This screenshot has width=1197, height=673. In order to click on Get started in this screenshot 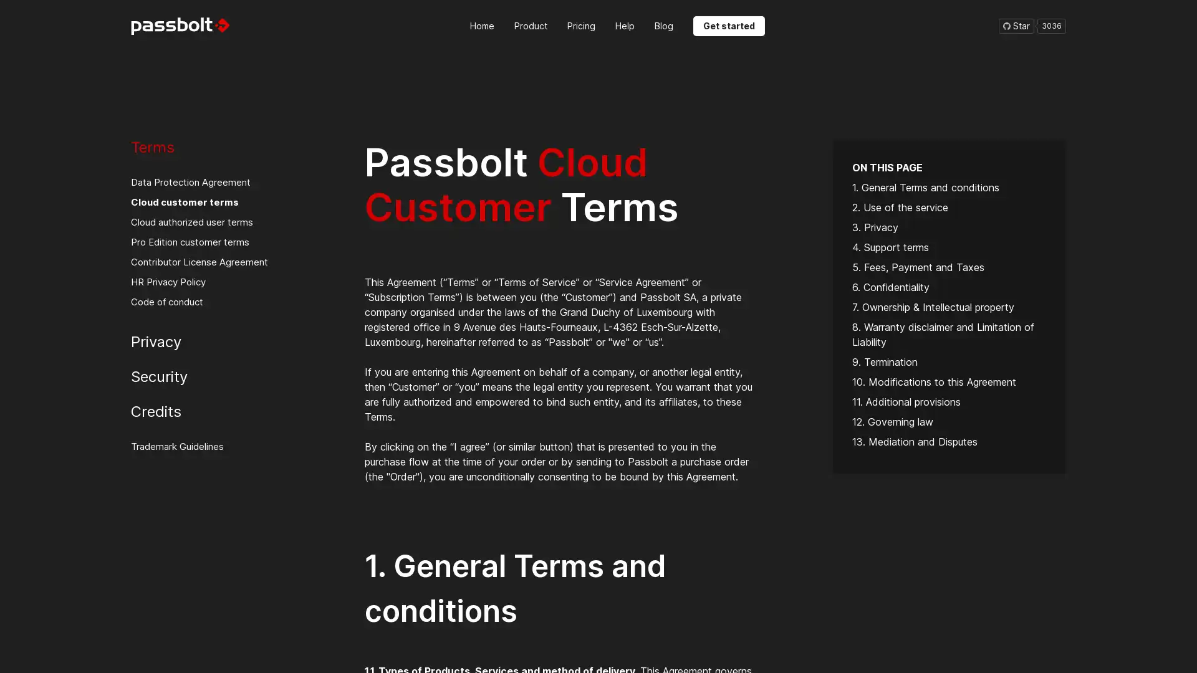, I will do `click(728, 26)`.